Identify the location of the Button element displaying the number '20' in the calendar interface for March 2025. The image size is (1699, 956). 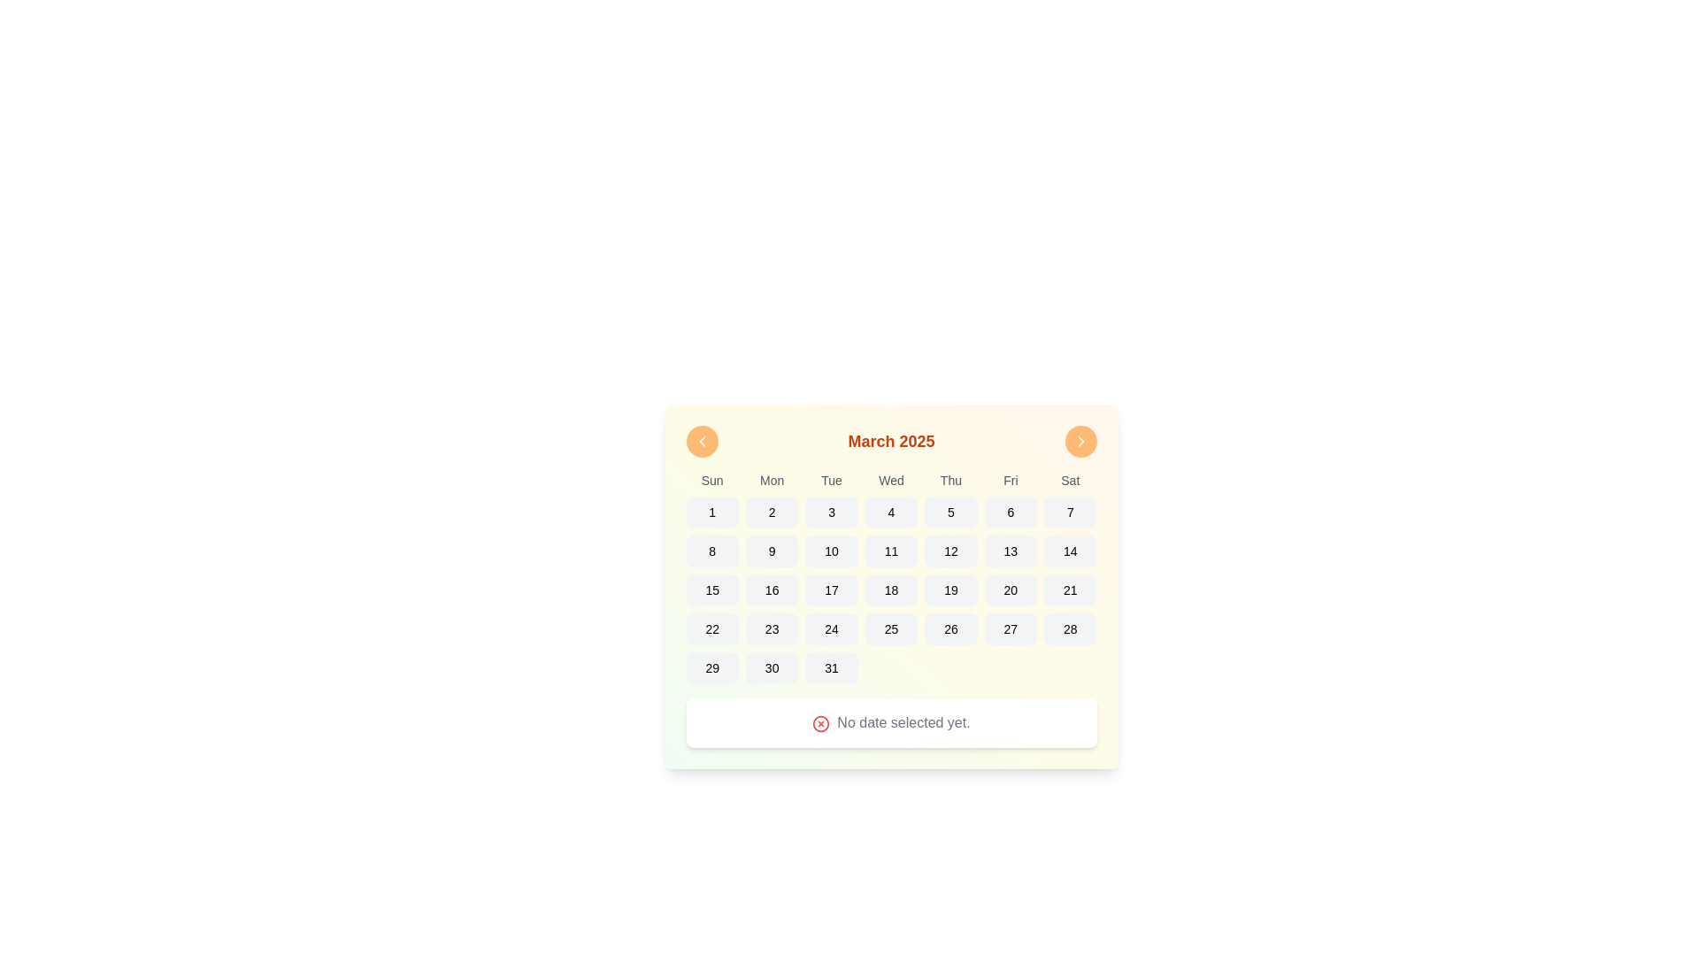
(1011, 590).